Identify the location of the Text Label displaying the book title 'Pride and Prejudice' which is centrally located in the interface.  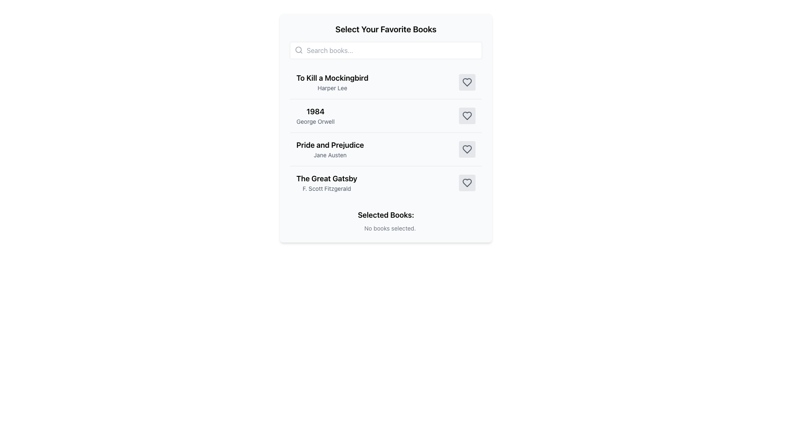
(330, 145).